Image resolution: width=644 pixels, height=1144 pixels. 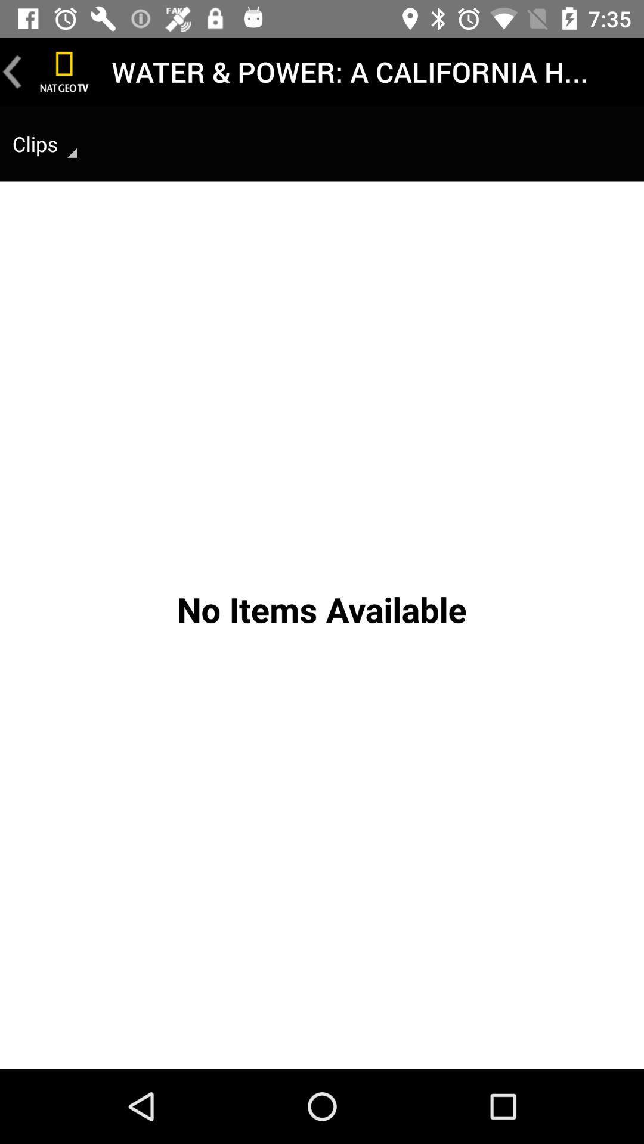 What do you see at coordinates (64, 71) in the screenshot?
I see `natgeotv` at bounding box center [64, 71].